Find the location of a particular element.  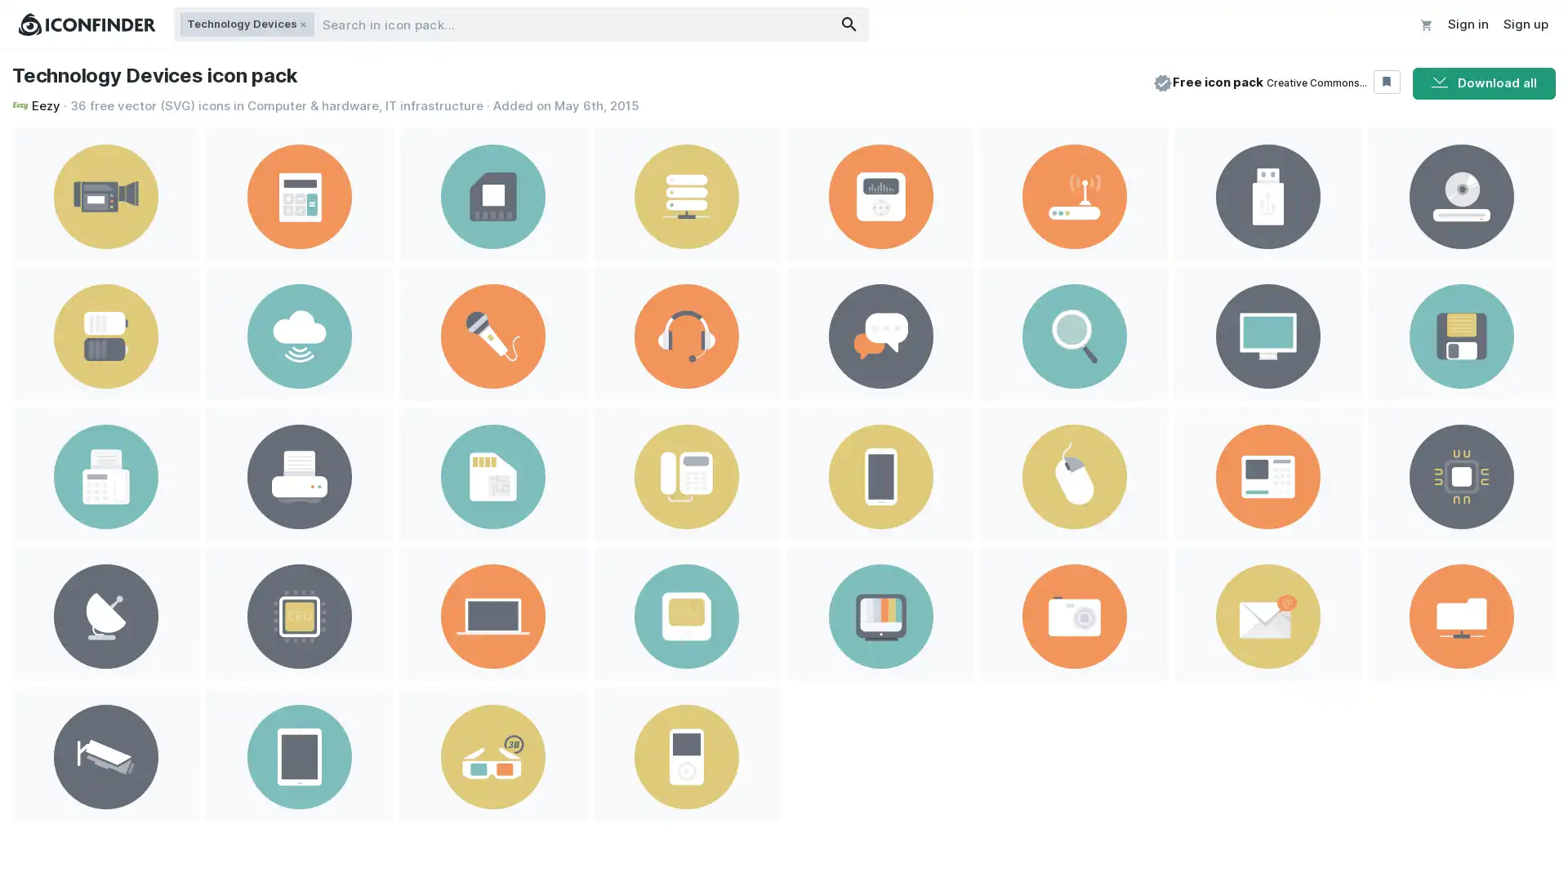

Download all is located at coordinates (1484, 82).